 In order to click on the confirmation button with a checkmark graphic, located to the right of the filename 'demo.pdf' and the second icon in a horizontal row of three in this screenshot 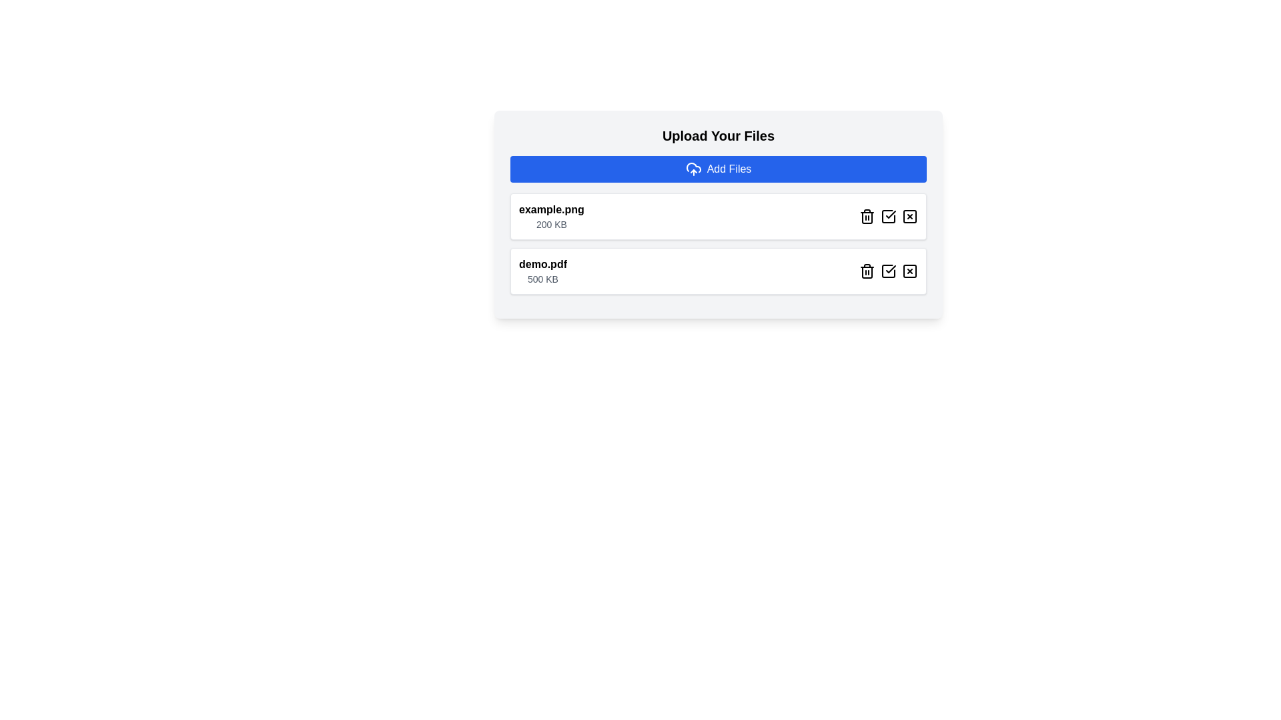, I will do `click(888, 271)`.